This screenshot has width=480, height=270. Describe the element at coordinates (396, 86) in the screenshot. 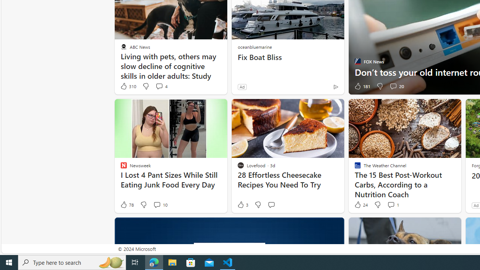

I see `'View comments 20 Comment'` at that location.